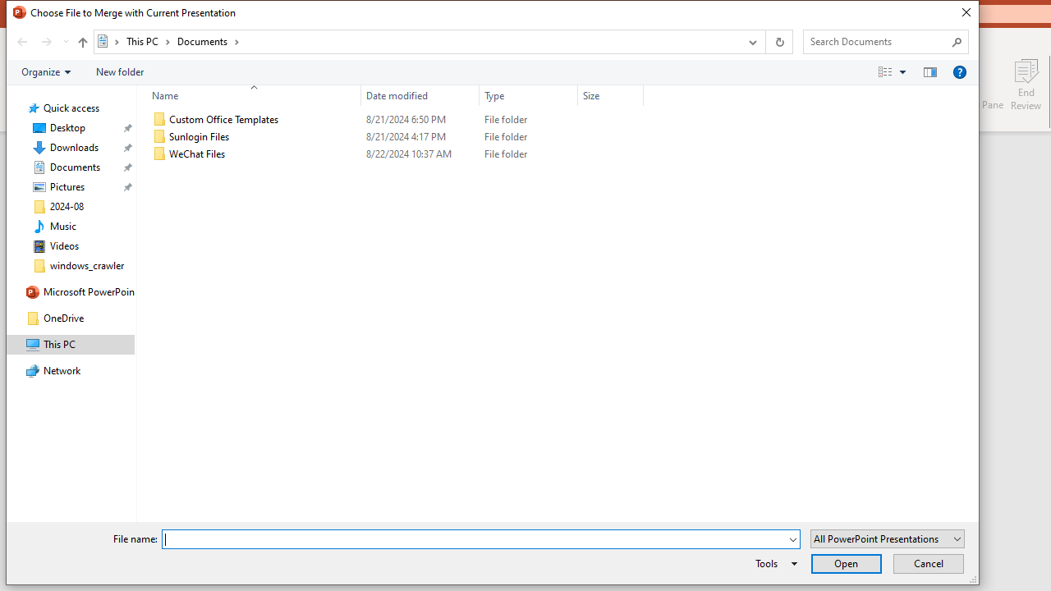  I want to click on 'New folder', so click(118, 71).